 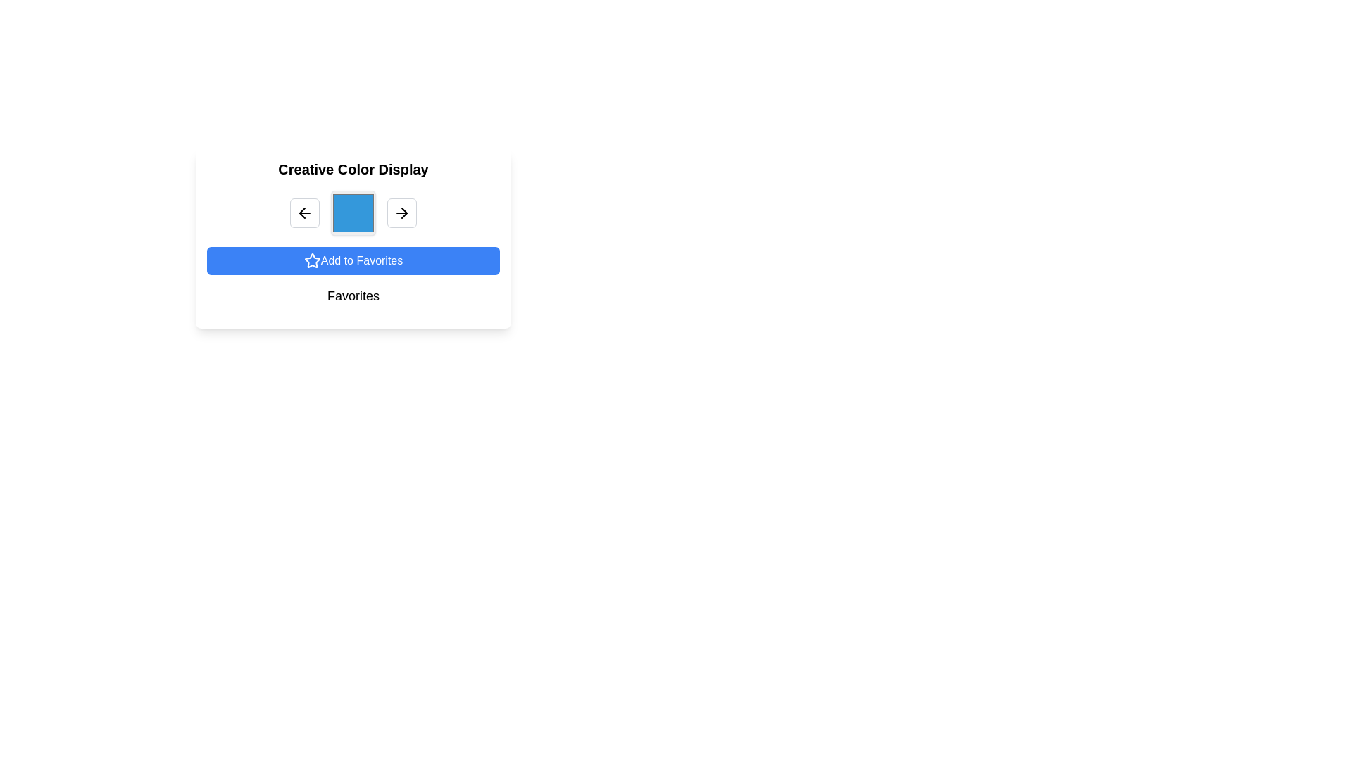 What do you see at coordinates (301, 213) in the screenshot?
I see `the left arrow icon located to the left of the square blue color indicator in the horizontal arrangement beneath the text 'Creative Color Display'` at bounding box center [301, 213].